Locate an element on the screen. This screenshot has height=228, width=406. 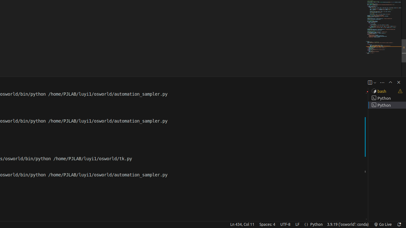
'3.9.19 (' is located at coordinates (347, 224).